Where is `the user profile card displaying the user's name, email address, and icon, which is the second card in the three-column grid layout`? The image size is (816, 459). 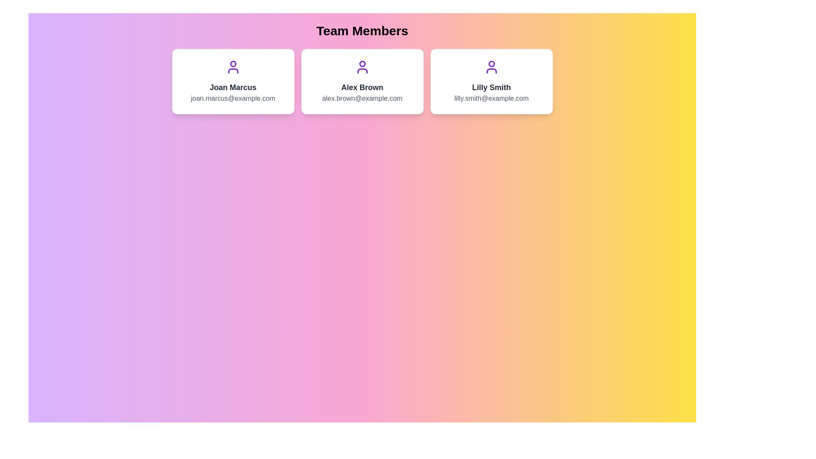
the user profile card displaying the user's name, email address, and icon, which is the second card in the three-column grid layout is located at coordinates (362, 82).